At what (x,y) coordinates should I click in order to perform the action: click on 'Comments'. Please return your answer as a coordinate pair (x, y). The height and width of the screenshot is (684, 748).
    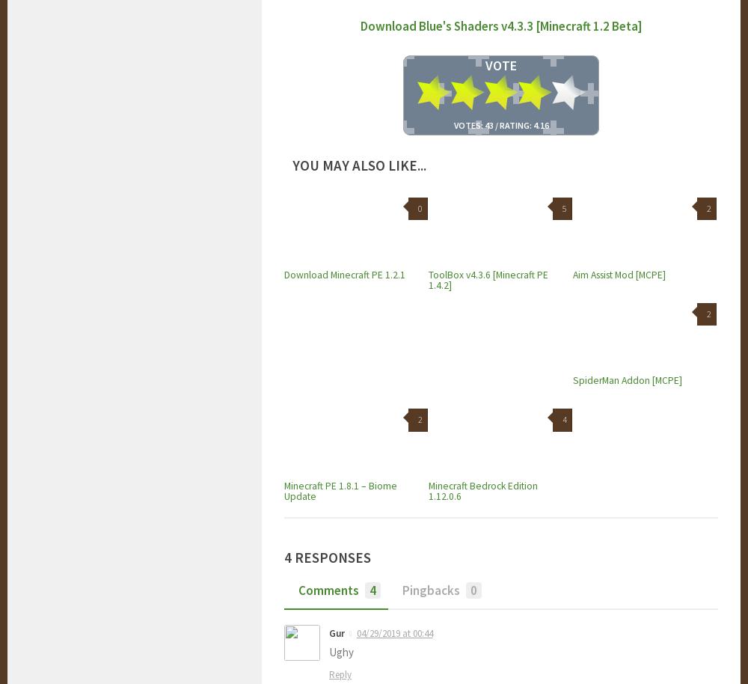
    Looking at the image, I should click on (328, 589).